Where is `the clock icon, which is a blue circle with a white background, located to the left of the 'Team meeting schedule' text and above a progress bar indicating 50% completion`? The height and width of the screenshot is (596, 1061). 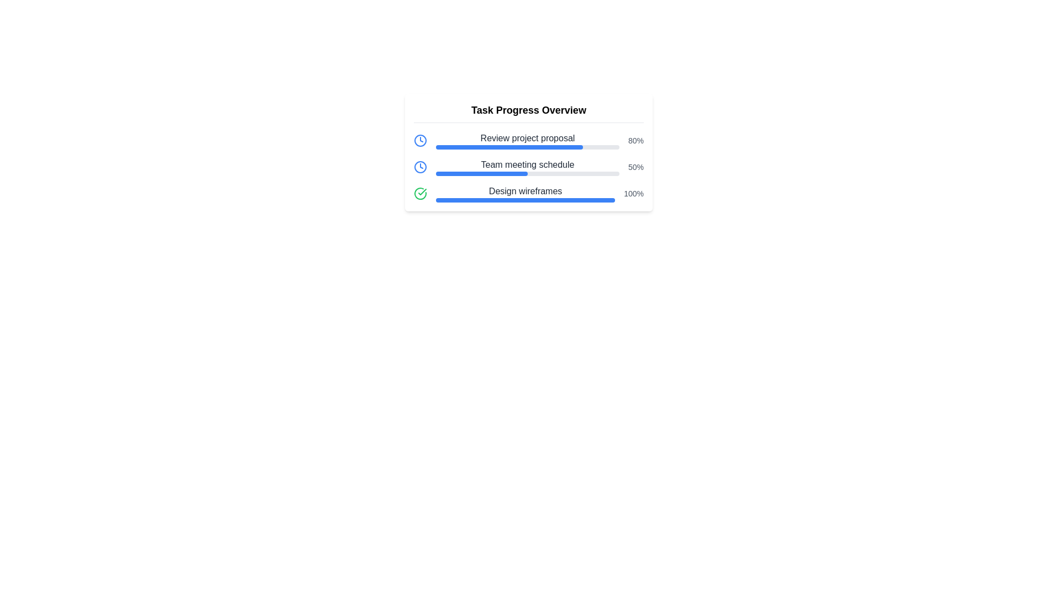
the clock icon, which is a blue circle with a white background, located to the left of the 'Team meeting schedule' text and above a progress bar indicating 50% completion is located at coordinates (420, 167).